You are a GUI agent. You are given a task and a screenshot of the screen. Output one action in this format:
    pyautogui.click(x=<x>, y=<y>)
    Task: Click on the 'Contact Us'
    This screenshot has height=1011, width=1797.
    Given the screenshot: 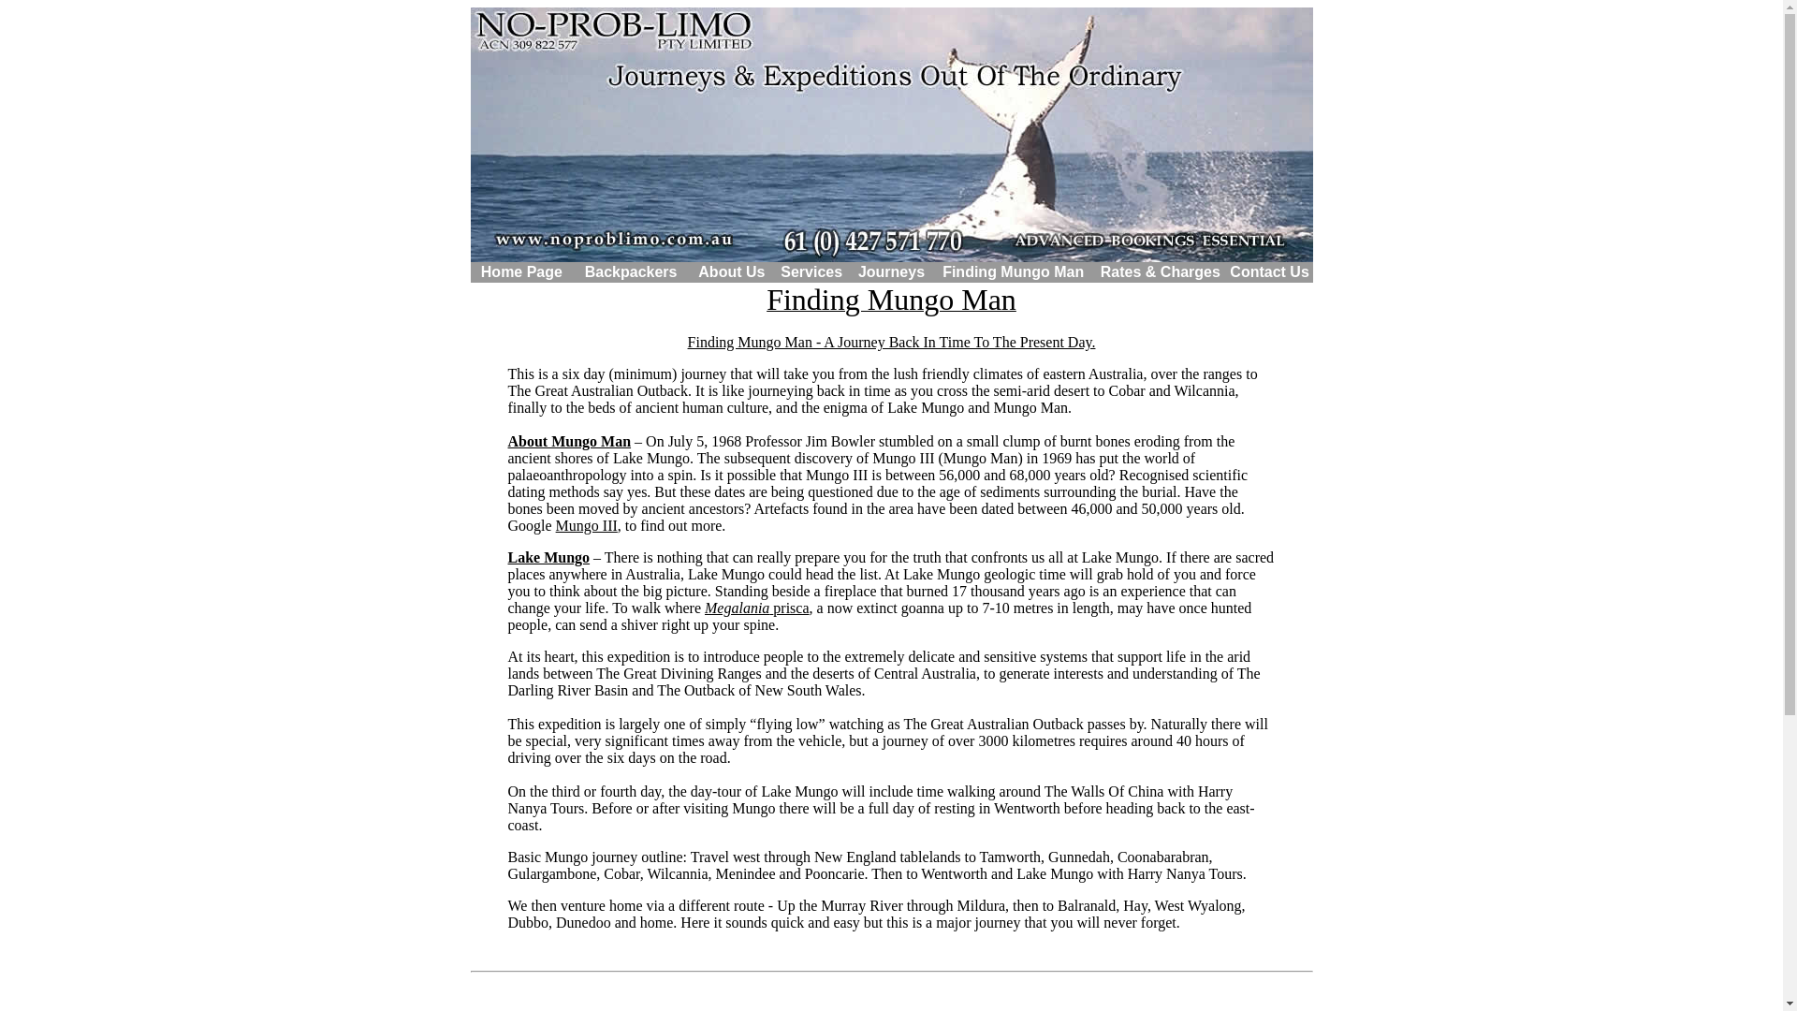 What is the action you would take?
    pyautogui.click(x=1269, y=271)
    